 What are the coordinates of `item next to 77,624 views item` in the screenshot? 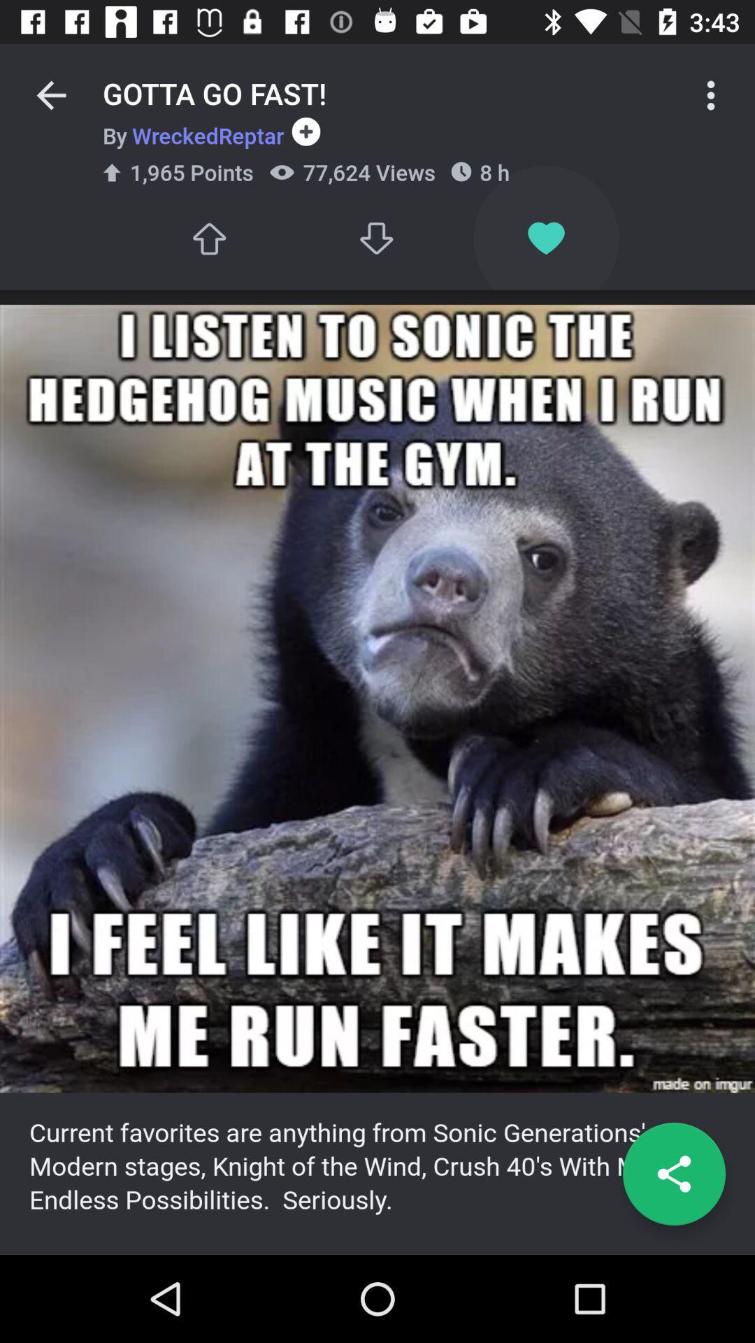 It's located at (545, 239).